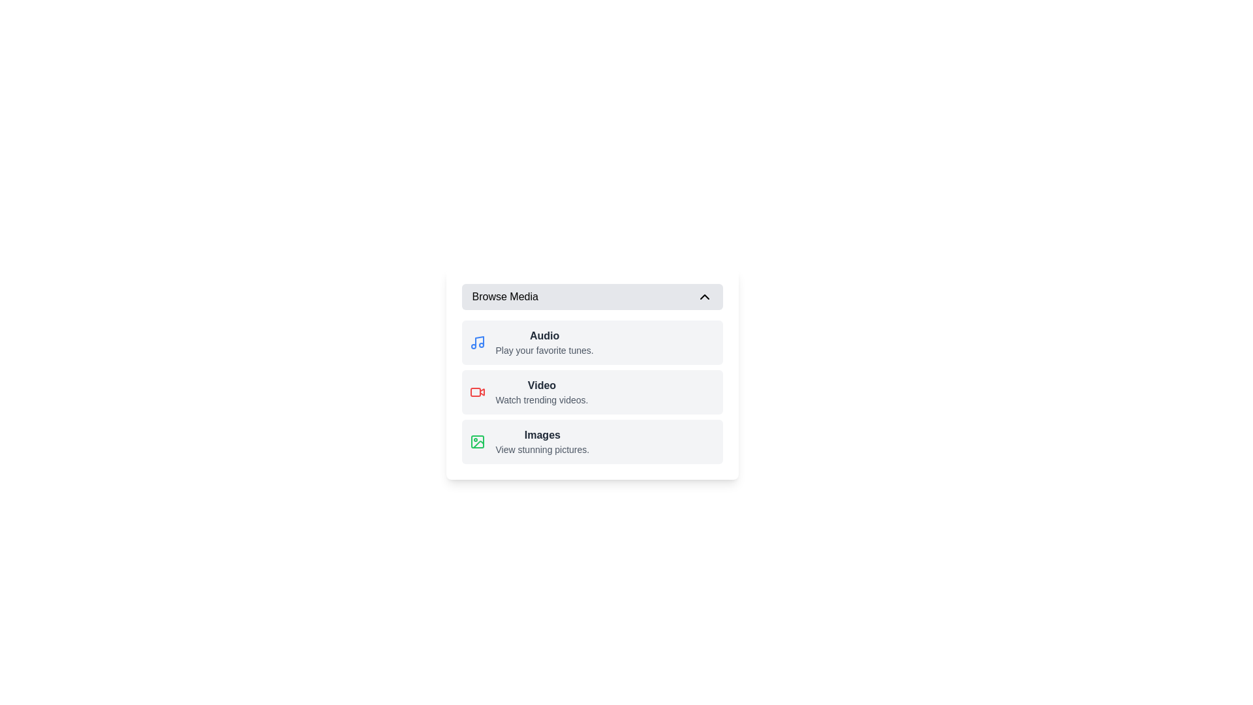 The image size is (1253, 705). I want to click on the text element that reads 'Play your favorite tunes.' which is styled in gray and located beneath the bold header 'Audio' in the 'Browse Media' section, so click(544, 349).